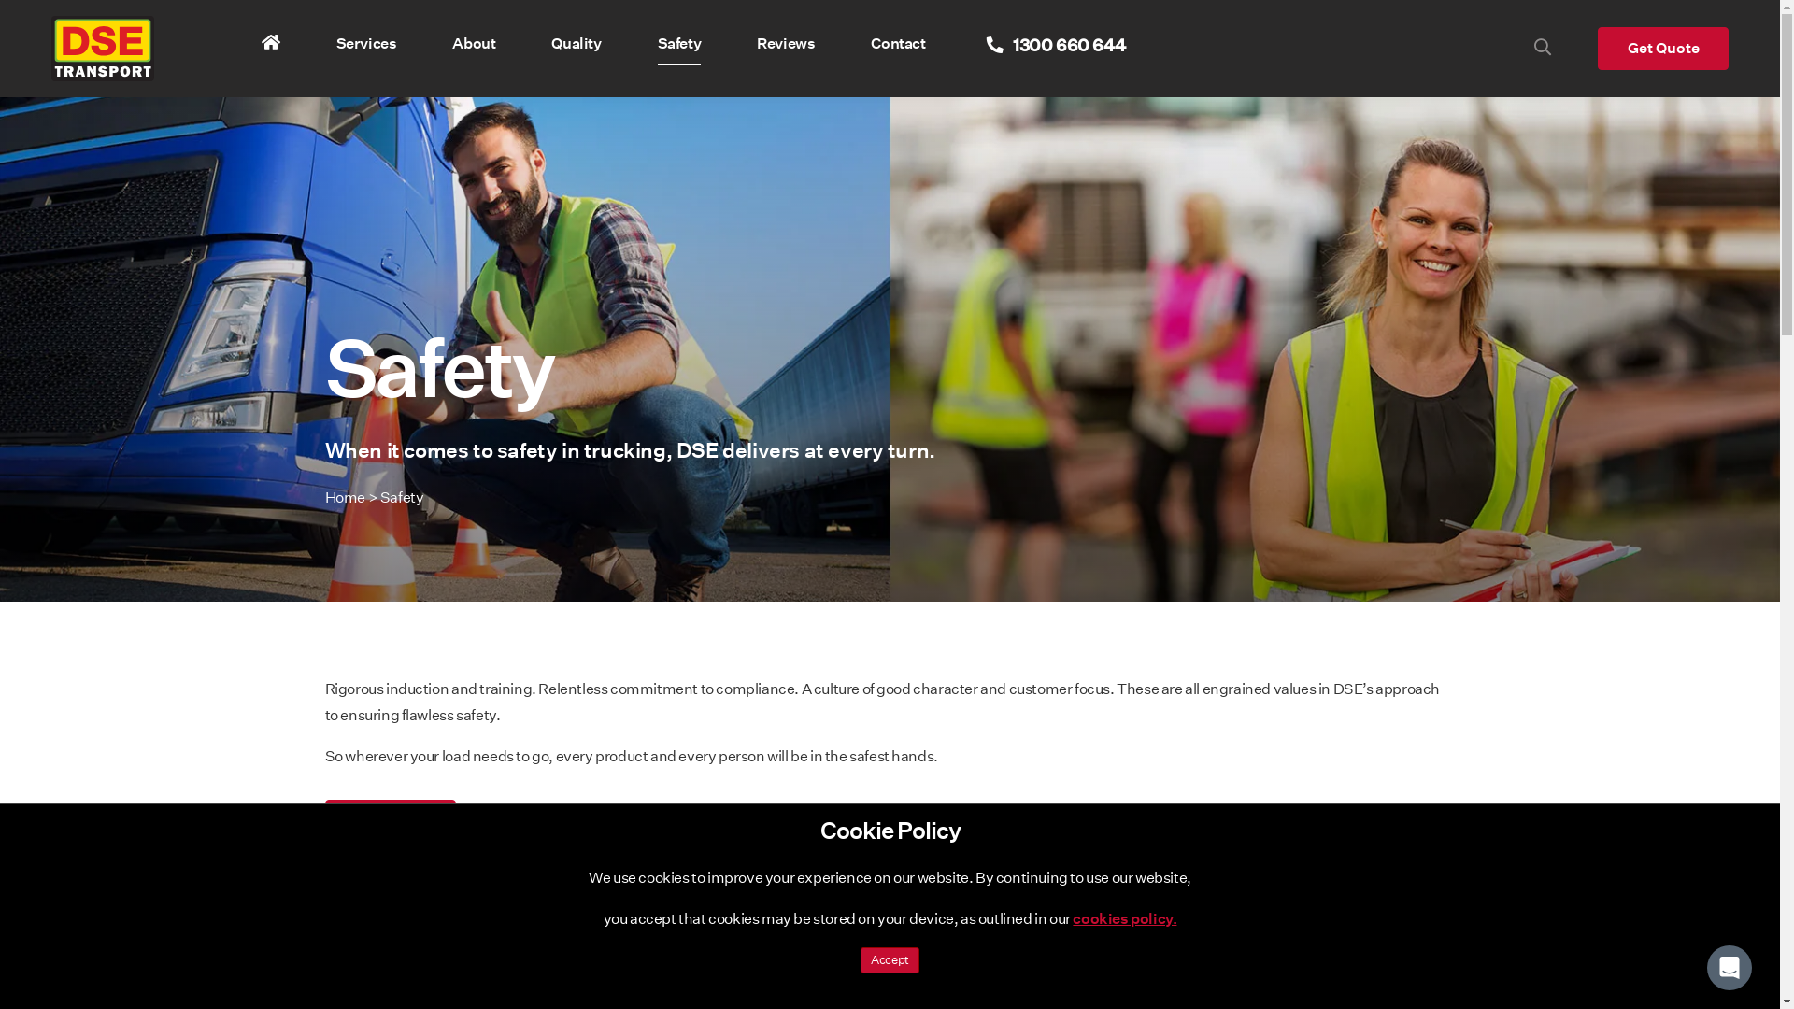  What do you see at coordinates (1663, 47) in the screenshot?
I see `'Get Quote'` at bounding box center [1663, 47].